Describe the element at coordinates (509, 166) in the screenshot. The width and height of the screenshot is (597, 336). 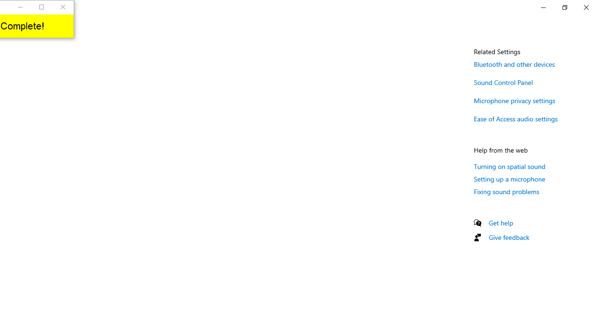
I see `'Turning on spatial sound'` at that location.